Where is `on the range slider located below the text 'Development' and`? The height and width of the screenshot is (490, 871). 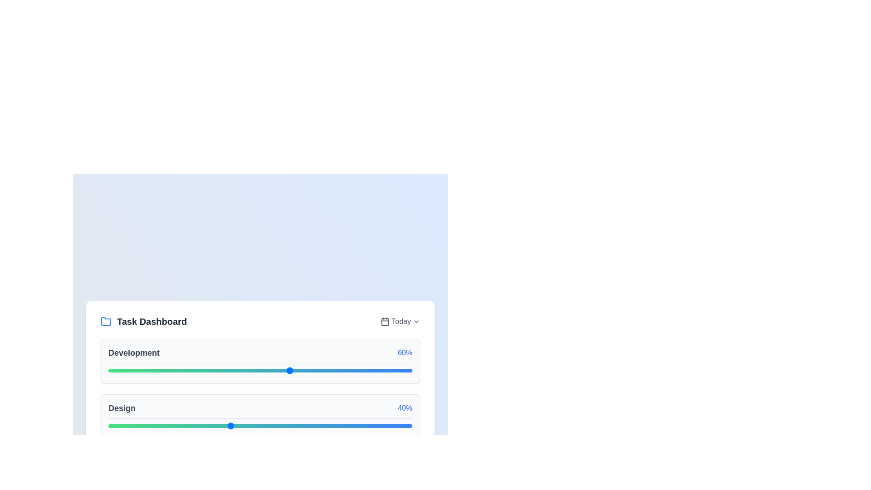 on the range slider located below the text 'Development' and is located at coordinates (260, 371).